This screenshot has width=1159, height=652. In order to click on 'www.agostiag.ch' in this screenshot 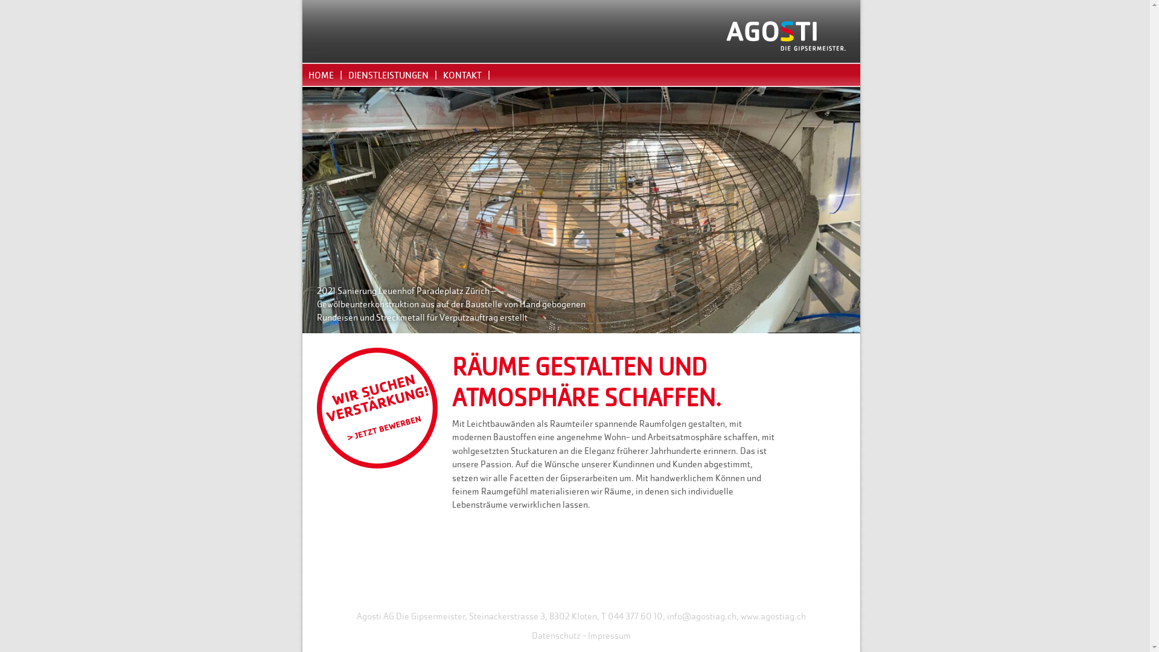, I will do `click(773, 616)`.